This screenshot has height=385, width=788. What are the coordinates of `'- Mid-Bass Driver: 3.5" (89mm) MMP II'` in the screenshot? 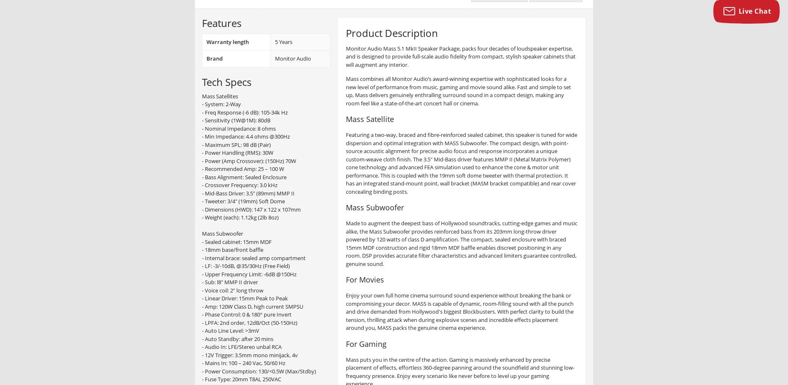 It's located at (248, 192).